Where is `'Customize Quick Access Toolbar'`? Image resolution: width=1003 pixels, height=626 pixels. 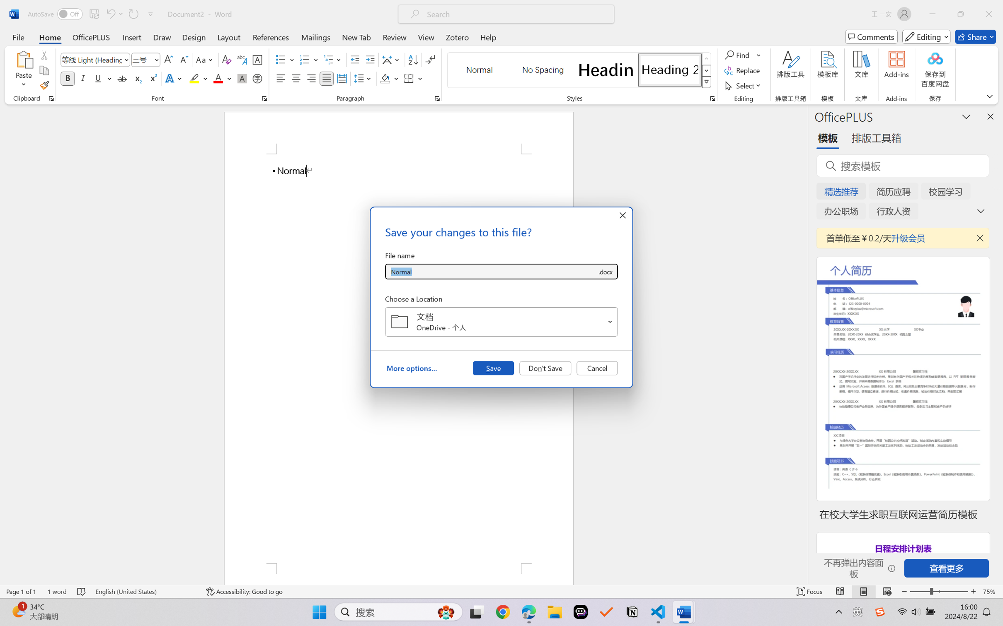 'Customize Quick Access Toolbar' is located at coordinates (150, 14).